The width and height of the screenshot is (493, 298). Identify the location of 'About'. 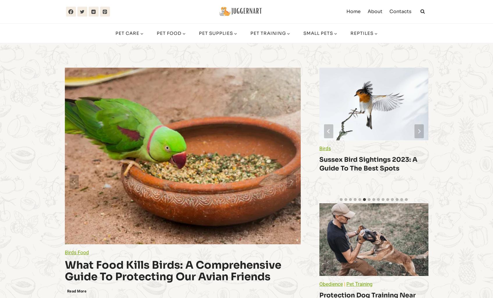
(374, 11).